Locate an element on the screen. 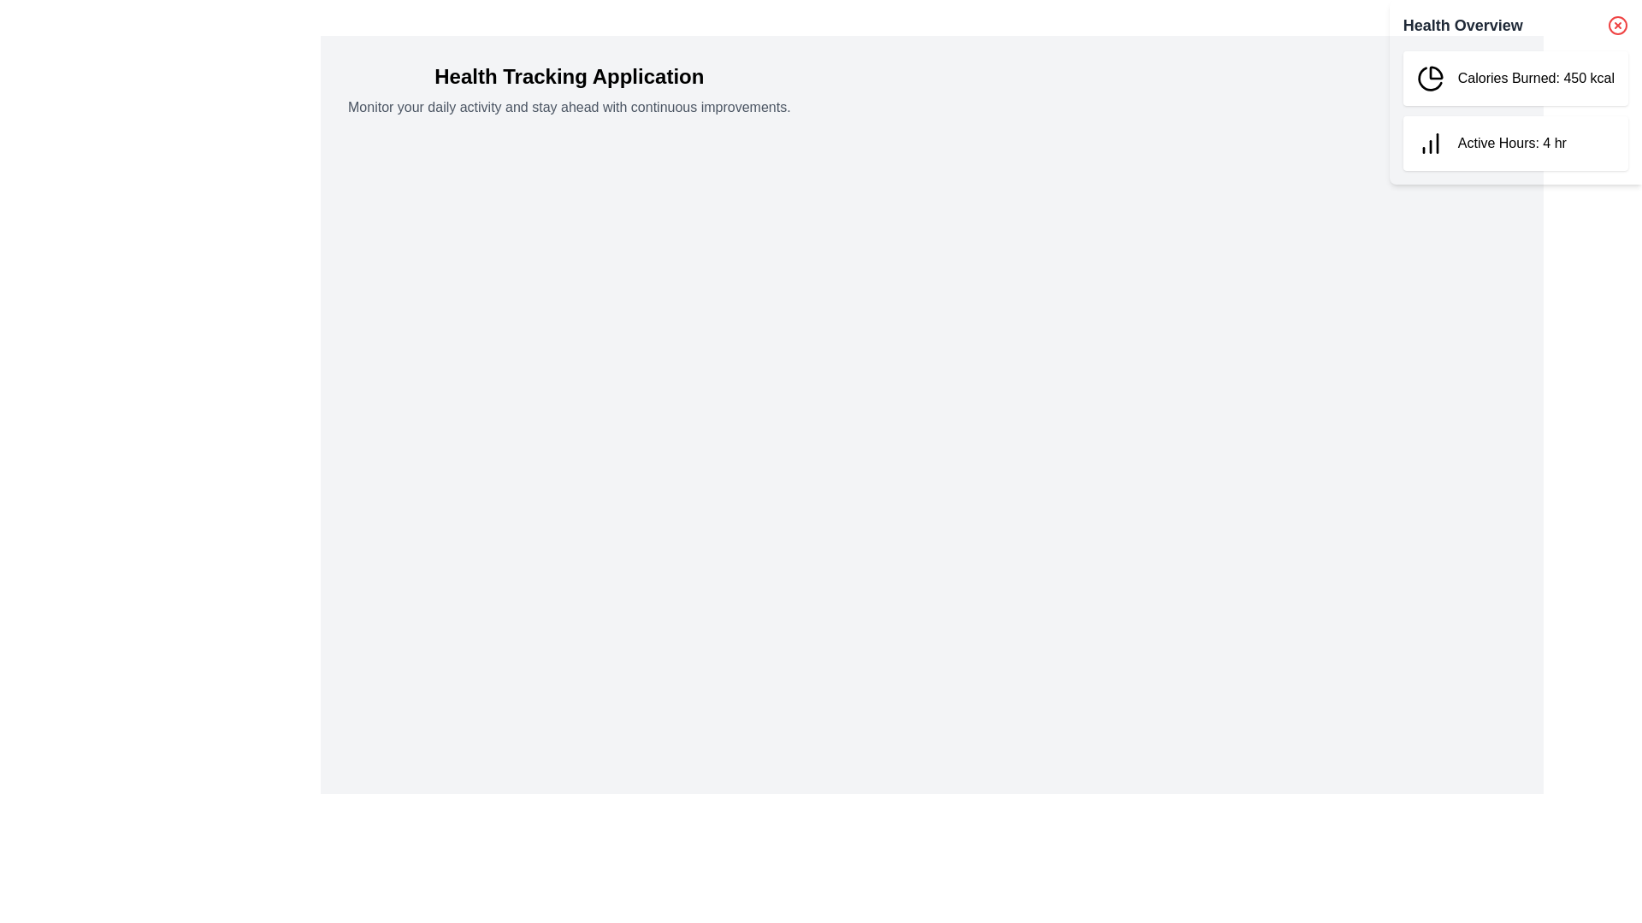 This screenshot has height=923, width=1642. title of the panel by interacting with the header that has the bold text 'Health Overview' on the left is located at coordinates (1515, 26).